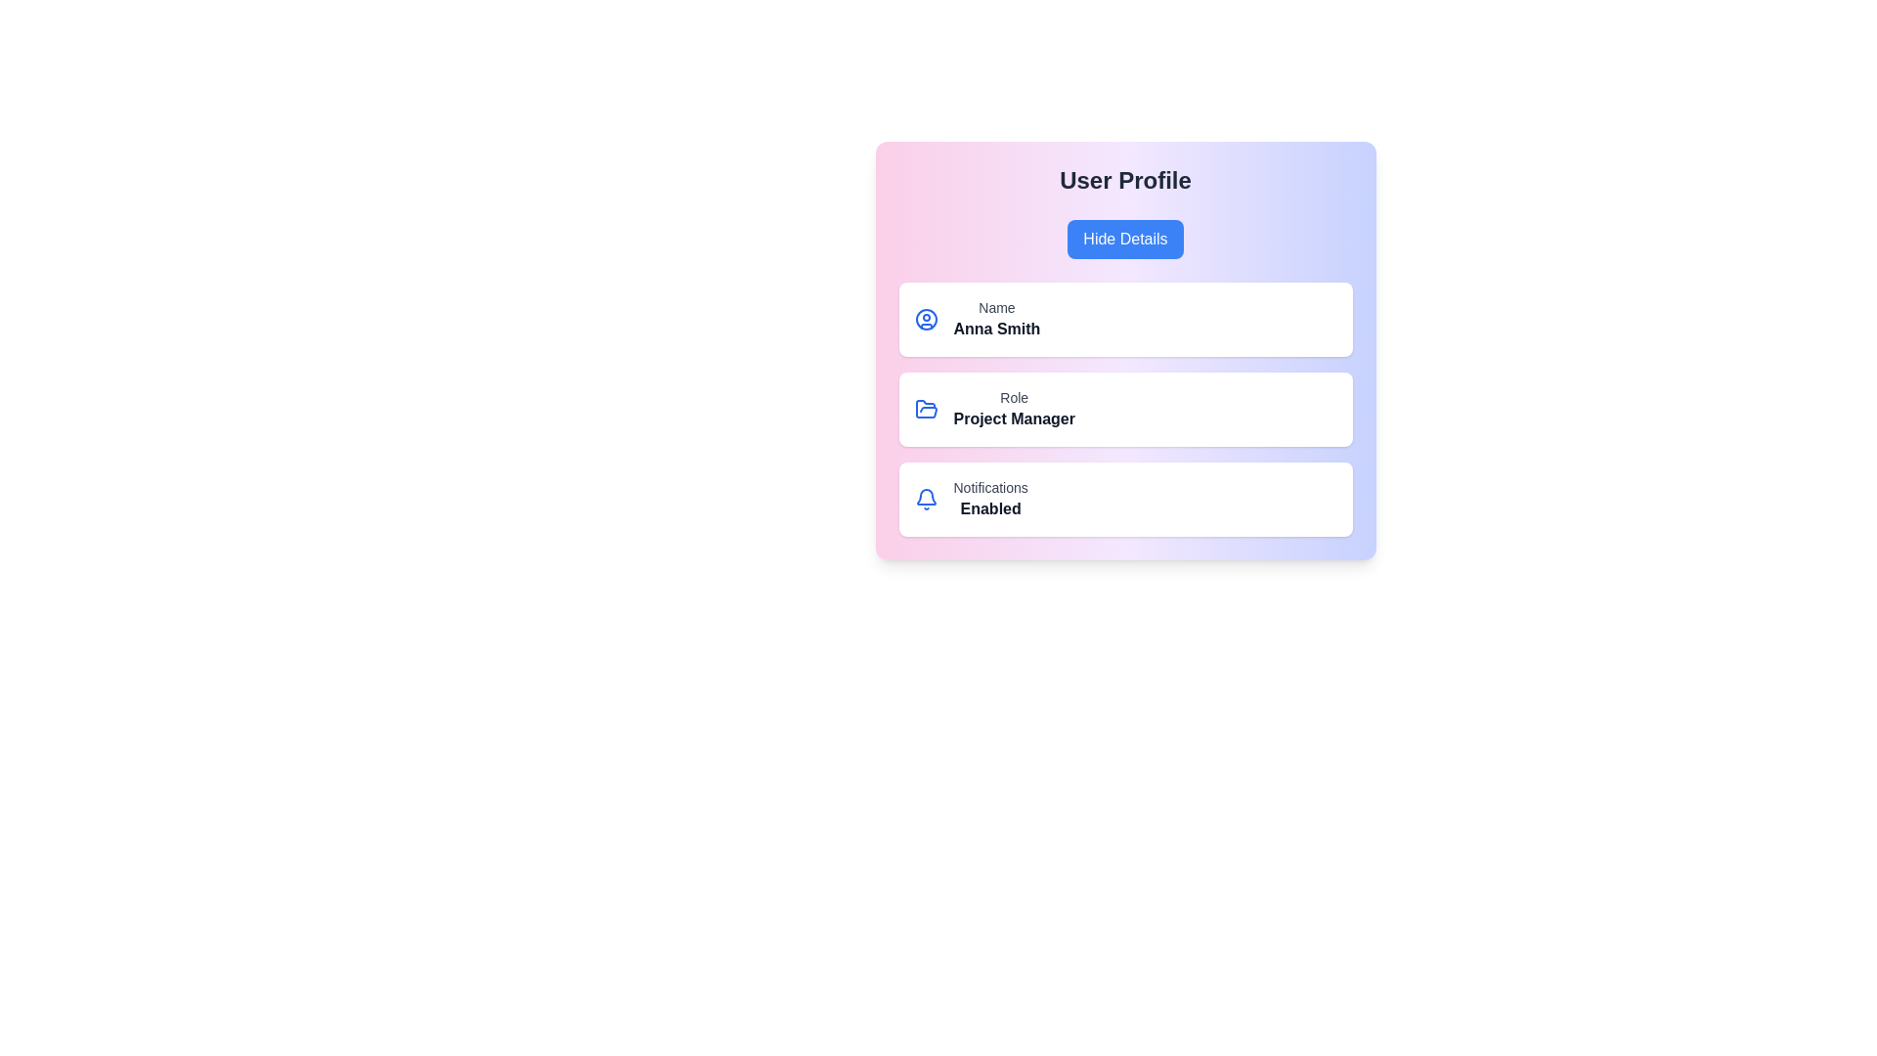 The height and width of the screenshot is (1056, 1877). I want to click on the text label displaying the word 'Role', which is styled in a smaller font size and medium gray color, positioned above the 'Project Manager' text within the user profile card, so click(1014, 397).